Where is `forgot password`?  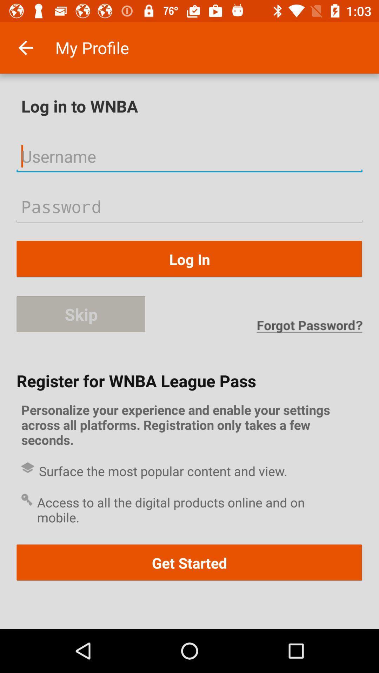
forgot password is located at coordinates (309, 326).